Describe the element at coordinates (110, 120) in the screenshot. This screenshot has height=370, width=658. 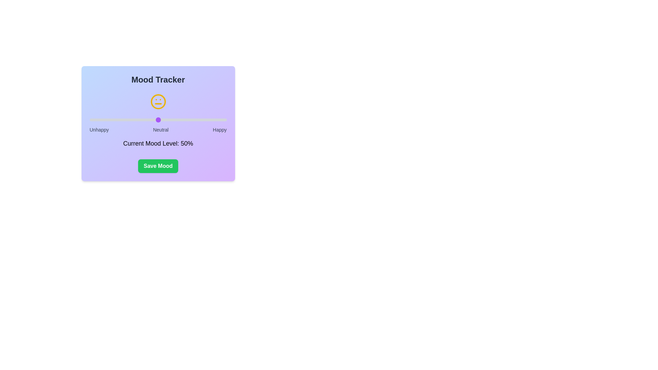
I see `the mood level to 15% using the slider` at that location.